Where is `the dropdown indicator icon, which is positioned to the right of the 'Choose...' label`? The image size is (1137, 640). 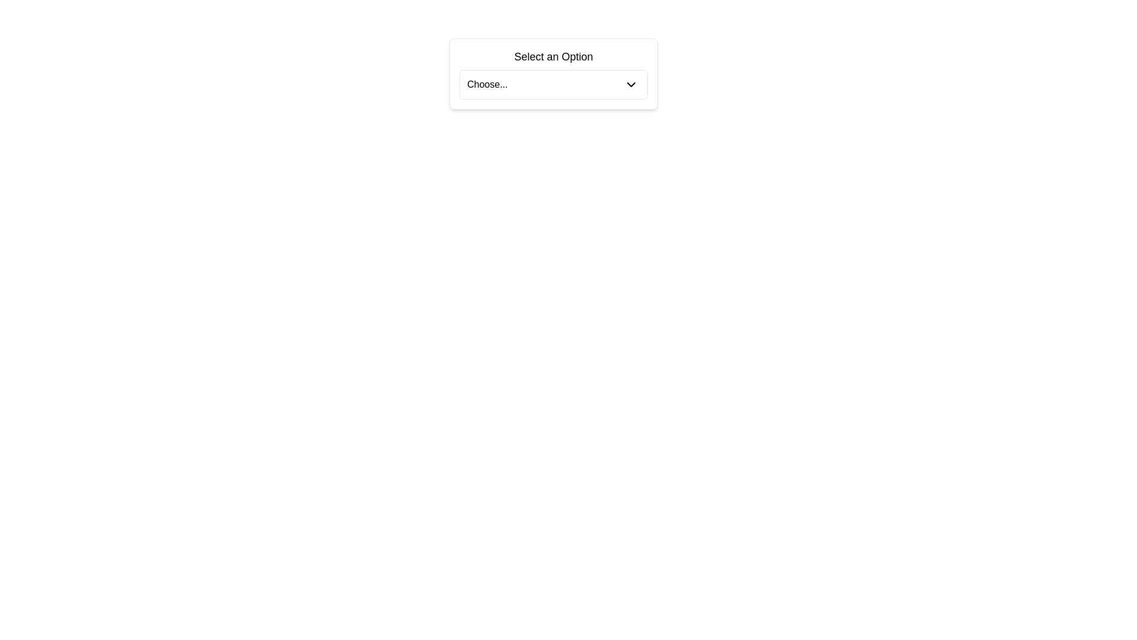 the dropdown indicator icon, which is positioned to the right of the 'Choose...' label is located at coordinates (630, 84).